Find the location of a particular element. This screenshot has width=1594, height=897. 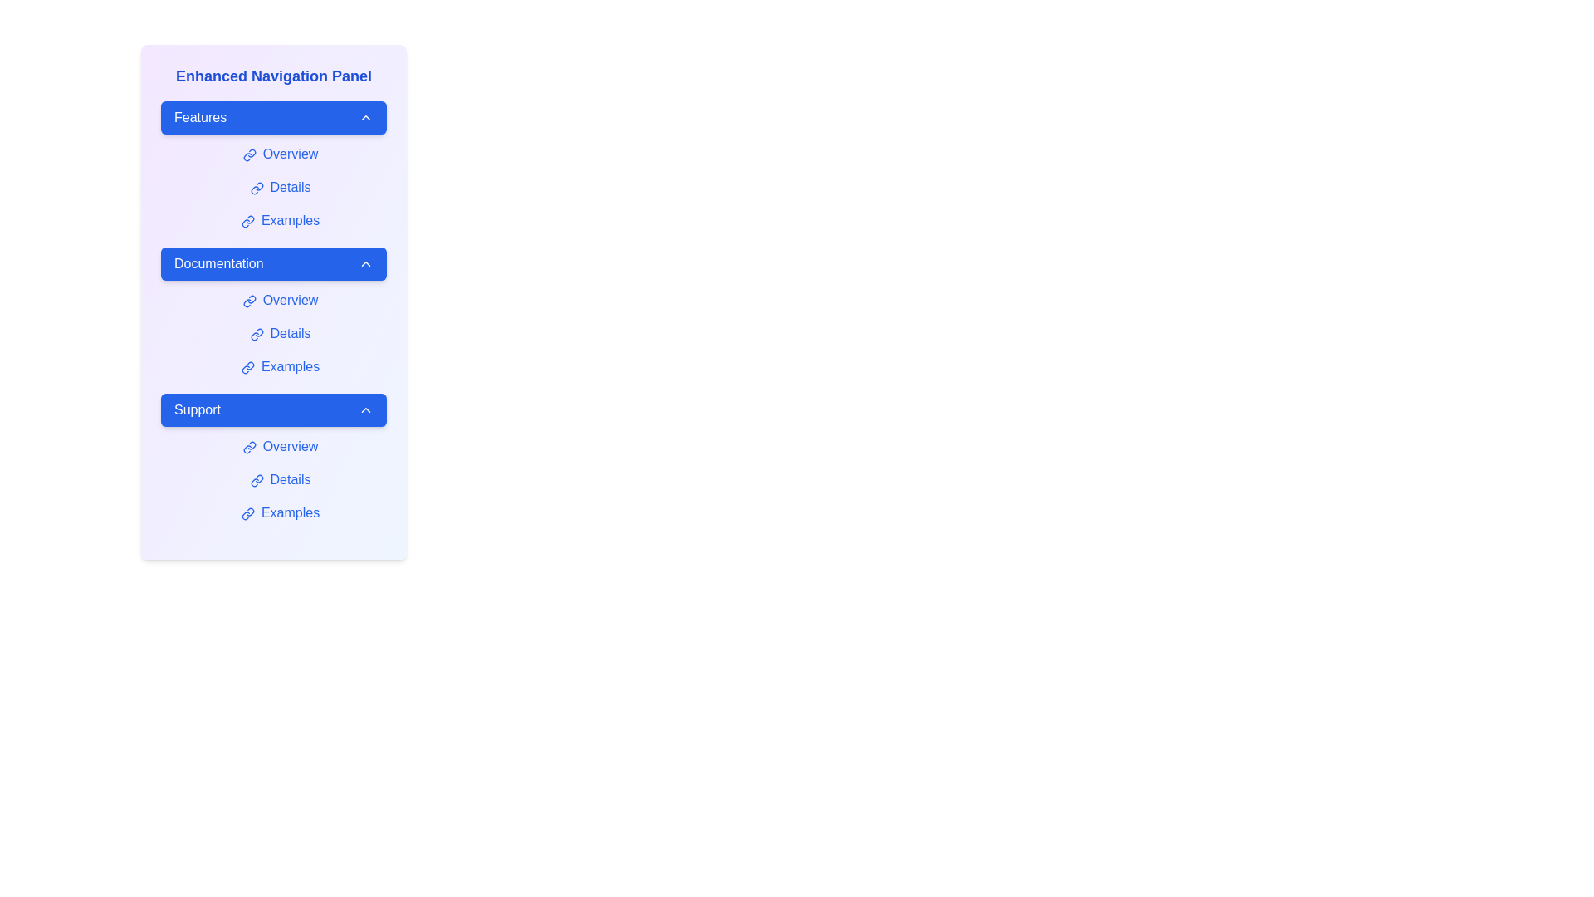

the 'Documentation' text label located within the blue button in the navigation panel, positioned below 'Features' and above 'Support', to interact with the associated section is located at coordinates (218, 262).